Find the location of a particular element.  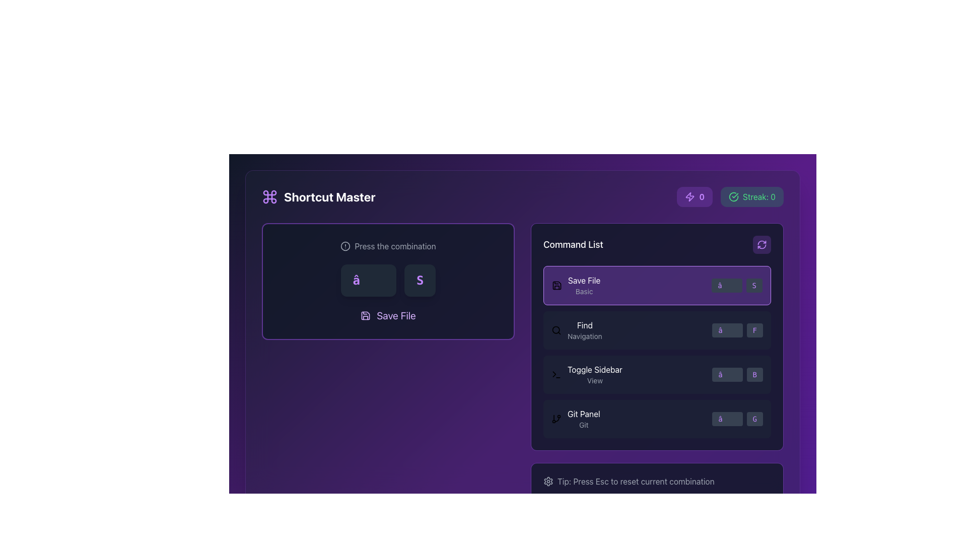

the Label indicating the keyboard shortcut for the 'Toggle Sidebar' command, which is located in the right-side panel of the 'Command List' section, next to the keyboard shortcut icon 'â' is located at coordinates (754, 375).